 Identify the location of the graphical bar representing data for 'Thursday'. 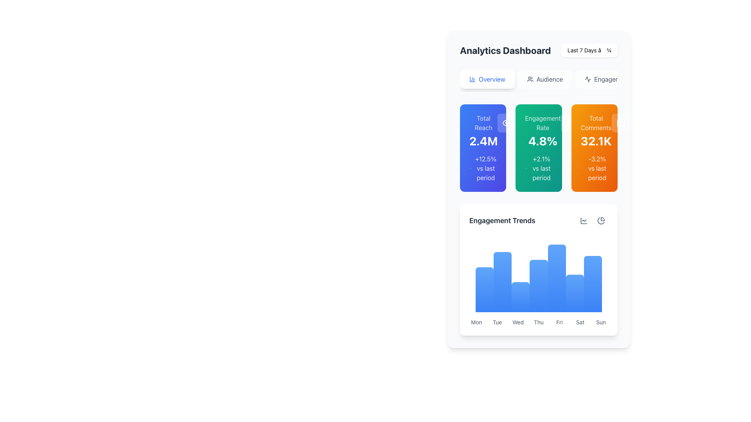
(538, 286).